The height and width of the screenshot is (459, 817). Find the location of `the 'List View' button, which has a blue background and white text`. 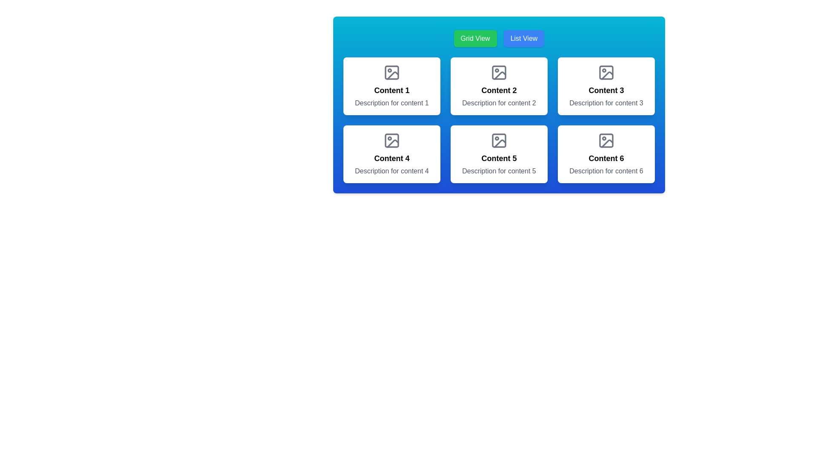

the 'List View' button, which has a blue background and white text is located at coordinates (523, 39).